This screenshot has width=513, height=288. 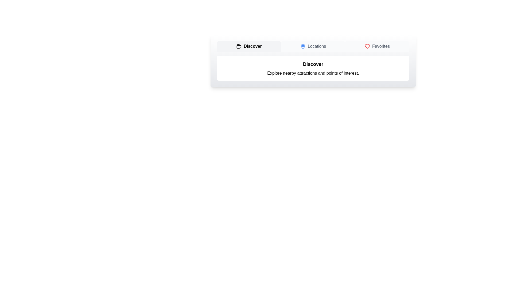 What do you see at coordinates (248, 46) in the screenshot?
I see `the tab labeled Discover` at bounding box center [248, 46].